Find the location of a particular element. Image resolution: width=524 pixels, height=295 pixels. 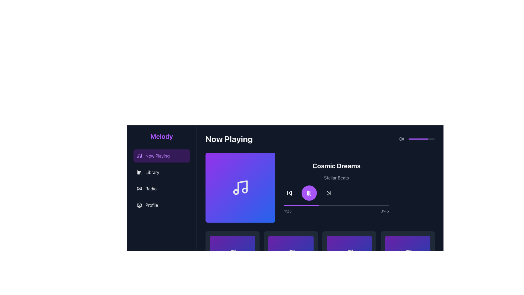

the slider is located at coordinates (424, 139).